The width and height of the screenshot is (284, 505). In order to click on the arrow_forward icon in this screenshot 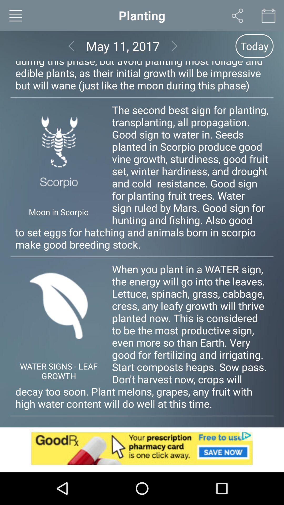, I will do `click(175, 49)`.